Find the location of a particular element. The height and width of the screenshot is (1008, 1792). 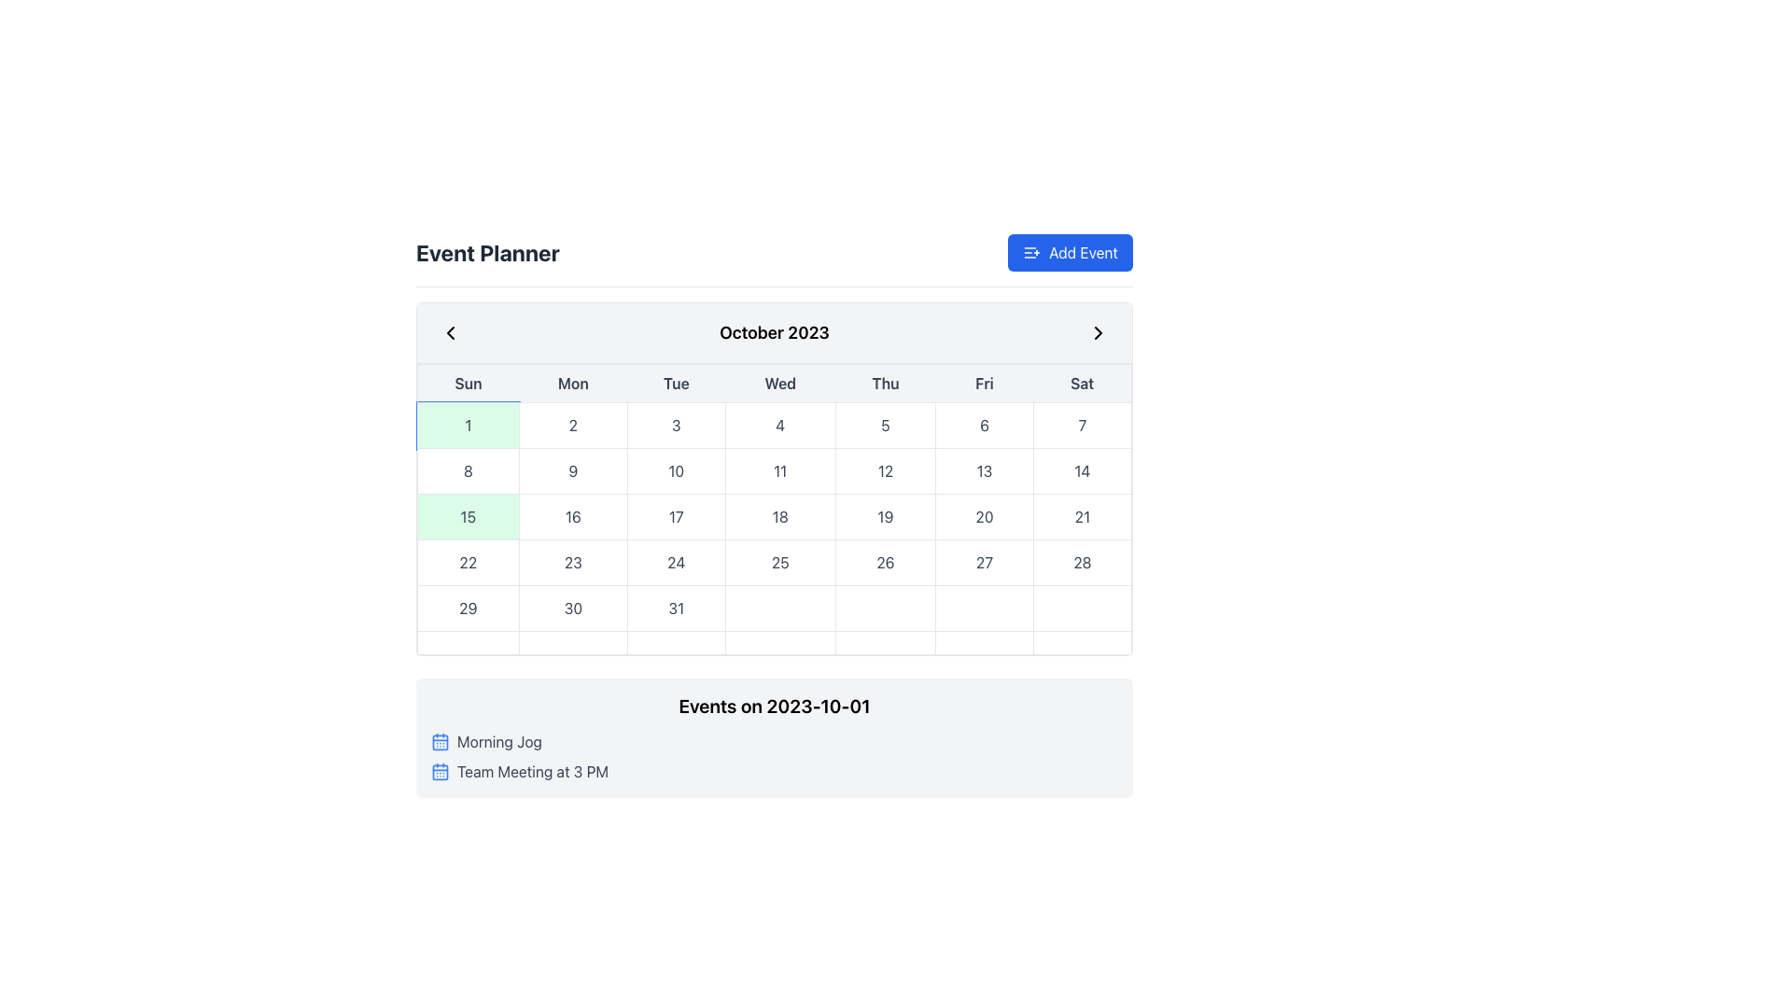

the static calendar date box displaying the number '18', which is the fourth box in the row of calendar dates is located at coordinates (780, 517).